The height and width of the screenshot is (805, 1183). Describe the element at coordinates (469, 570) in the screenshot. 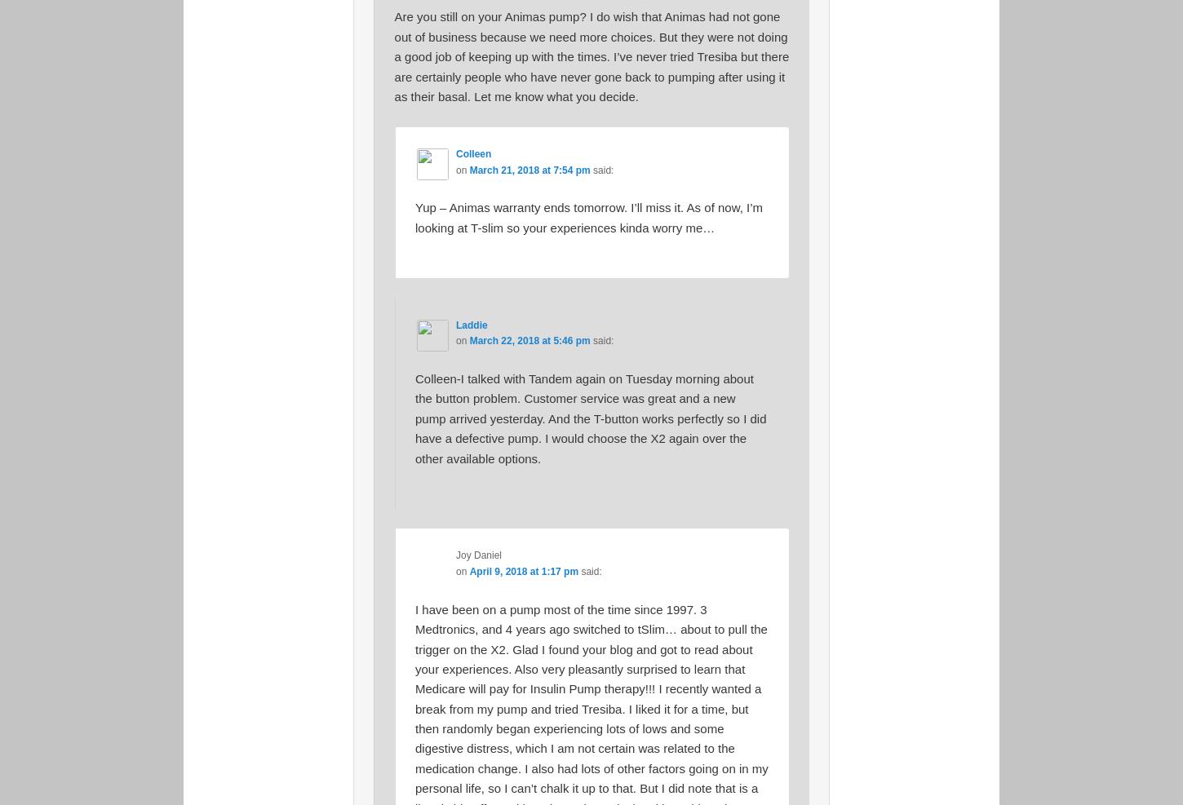

I see `'April 9, 2018 at 1:17 pm'` at that location.